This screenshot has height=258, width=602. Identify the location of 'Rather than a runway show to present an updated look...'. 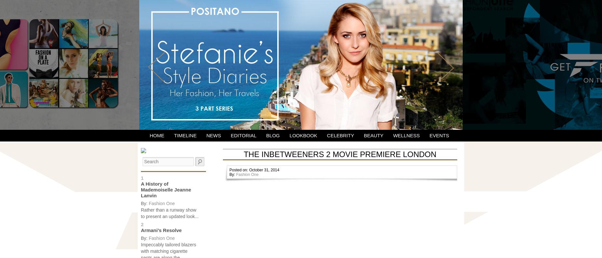
(141, 213).